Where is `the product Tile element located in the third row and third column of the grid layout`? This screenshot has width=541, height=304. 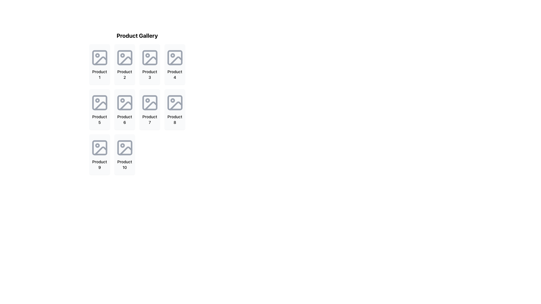 the product Tile element located in the third row and third column of the grid layout is located at coordinates (150, 109).